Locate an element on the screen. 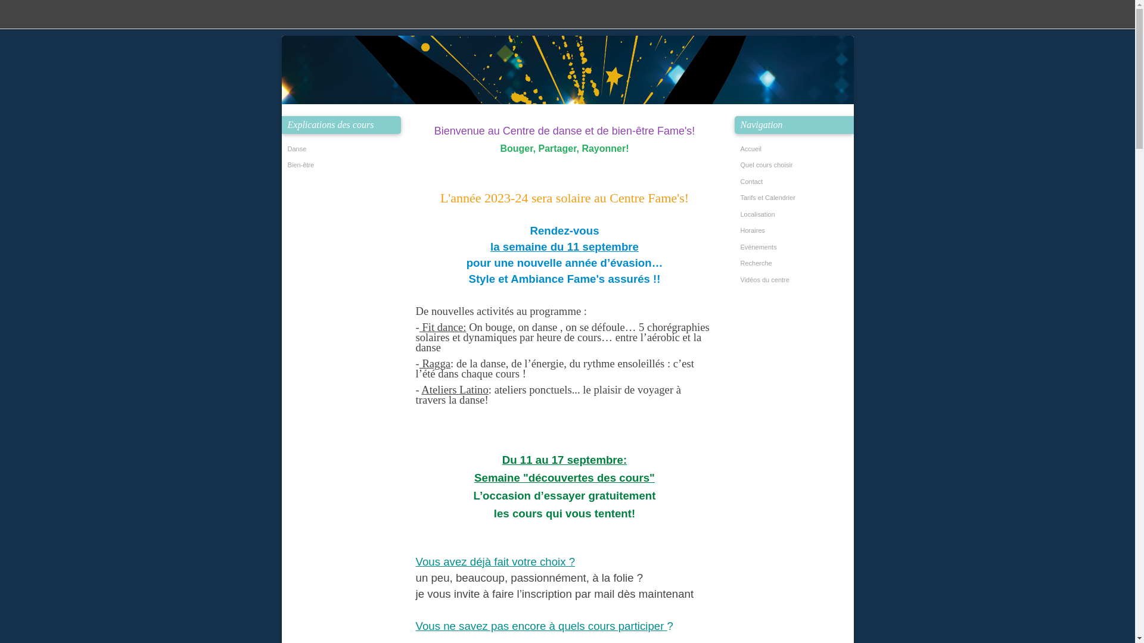  'Recherche' is located at coordinates (795, 263).